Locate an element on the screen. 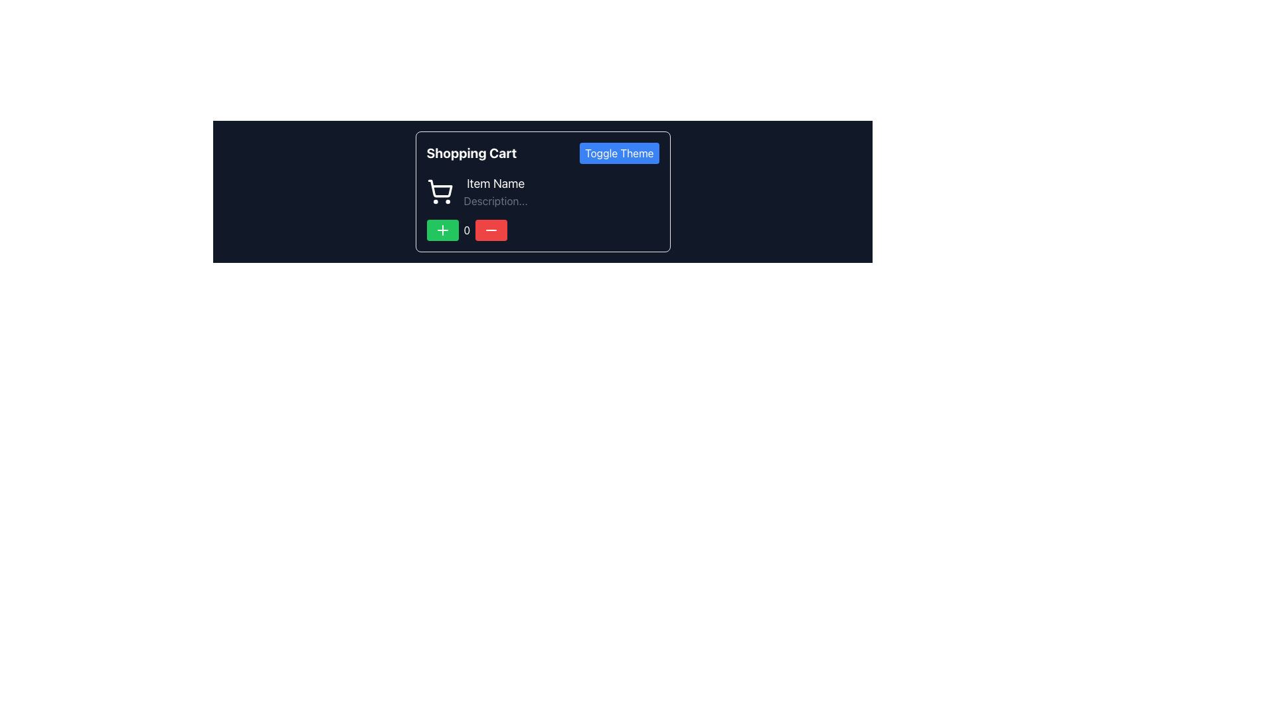 The image size is (1275, 717). the Text Label representing the name or title of an item listed in the shopping cart, located in the upper central area of the interface is located at coordinates (495, 184).